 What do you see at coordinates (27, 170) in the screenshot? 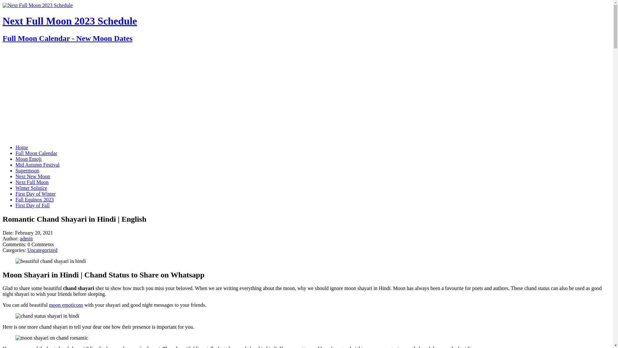
I see `'Supermoon'` at bounding box center [27, 170].